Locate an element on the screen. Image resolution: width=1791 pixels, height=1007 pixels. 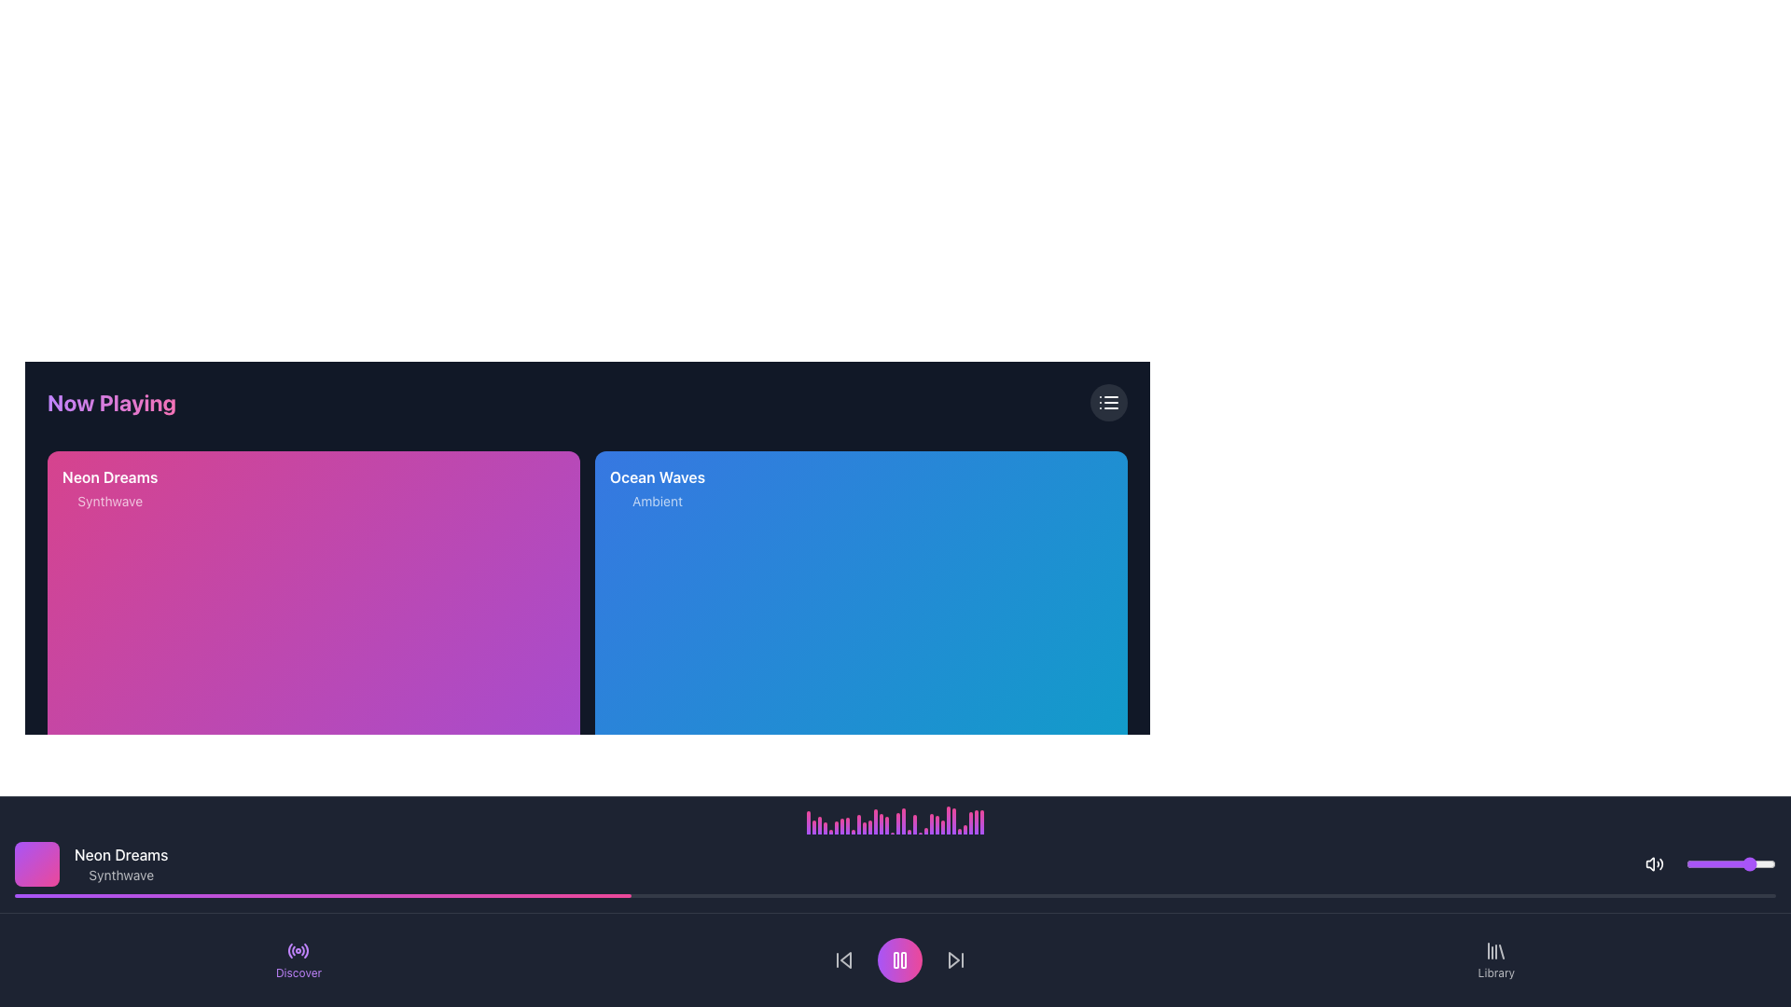
keyboard navigation is located at coordinates (544, 948).